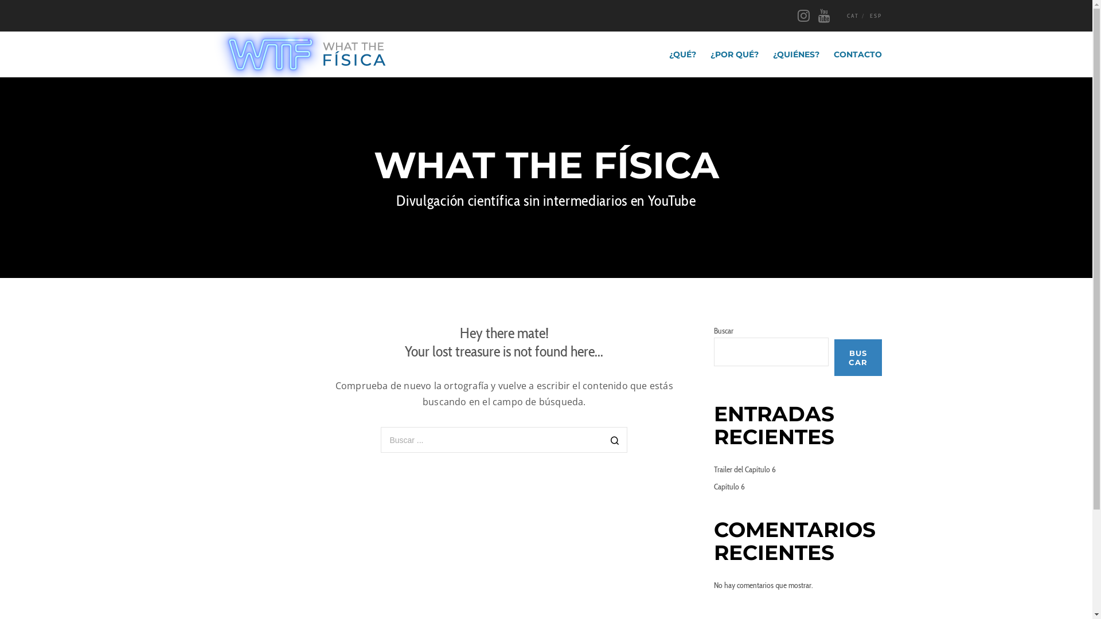  Describe the element at coordinates (853, 15) in the screenshot. I see `'CAT'` at that location.